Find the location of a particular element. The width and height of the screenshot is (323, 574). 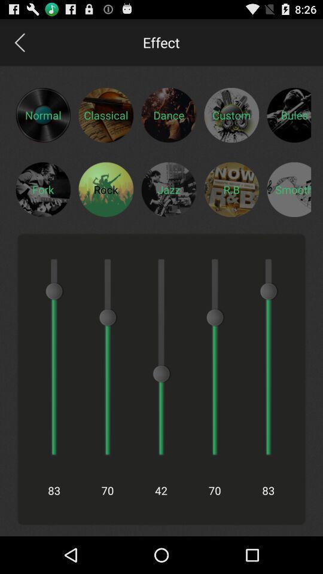

pick option classical effect is located at coordinates (106, 115).